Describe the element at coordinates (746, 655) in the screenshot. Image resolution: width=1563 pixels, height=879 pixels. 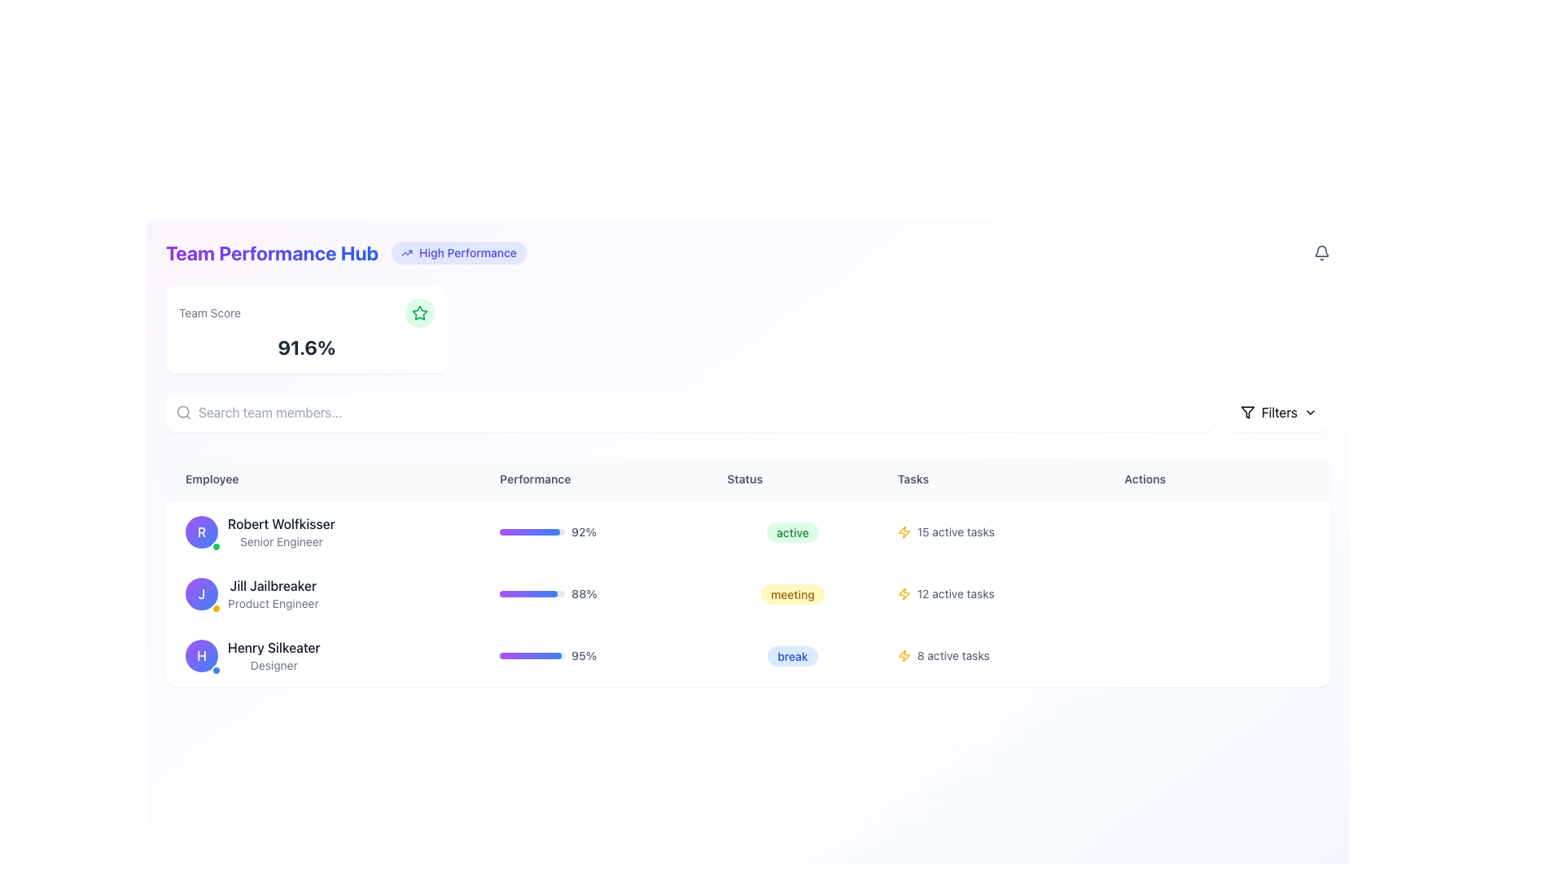
I see `the third entry row in the performance table displaying information about team member Henry Silkeater` at that location.